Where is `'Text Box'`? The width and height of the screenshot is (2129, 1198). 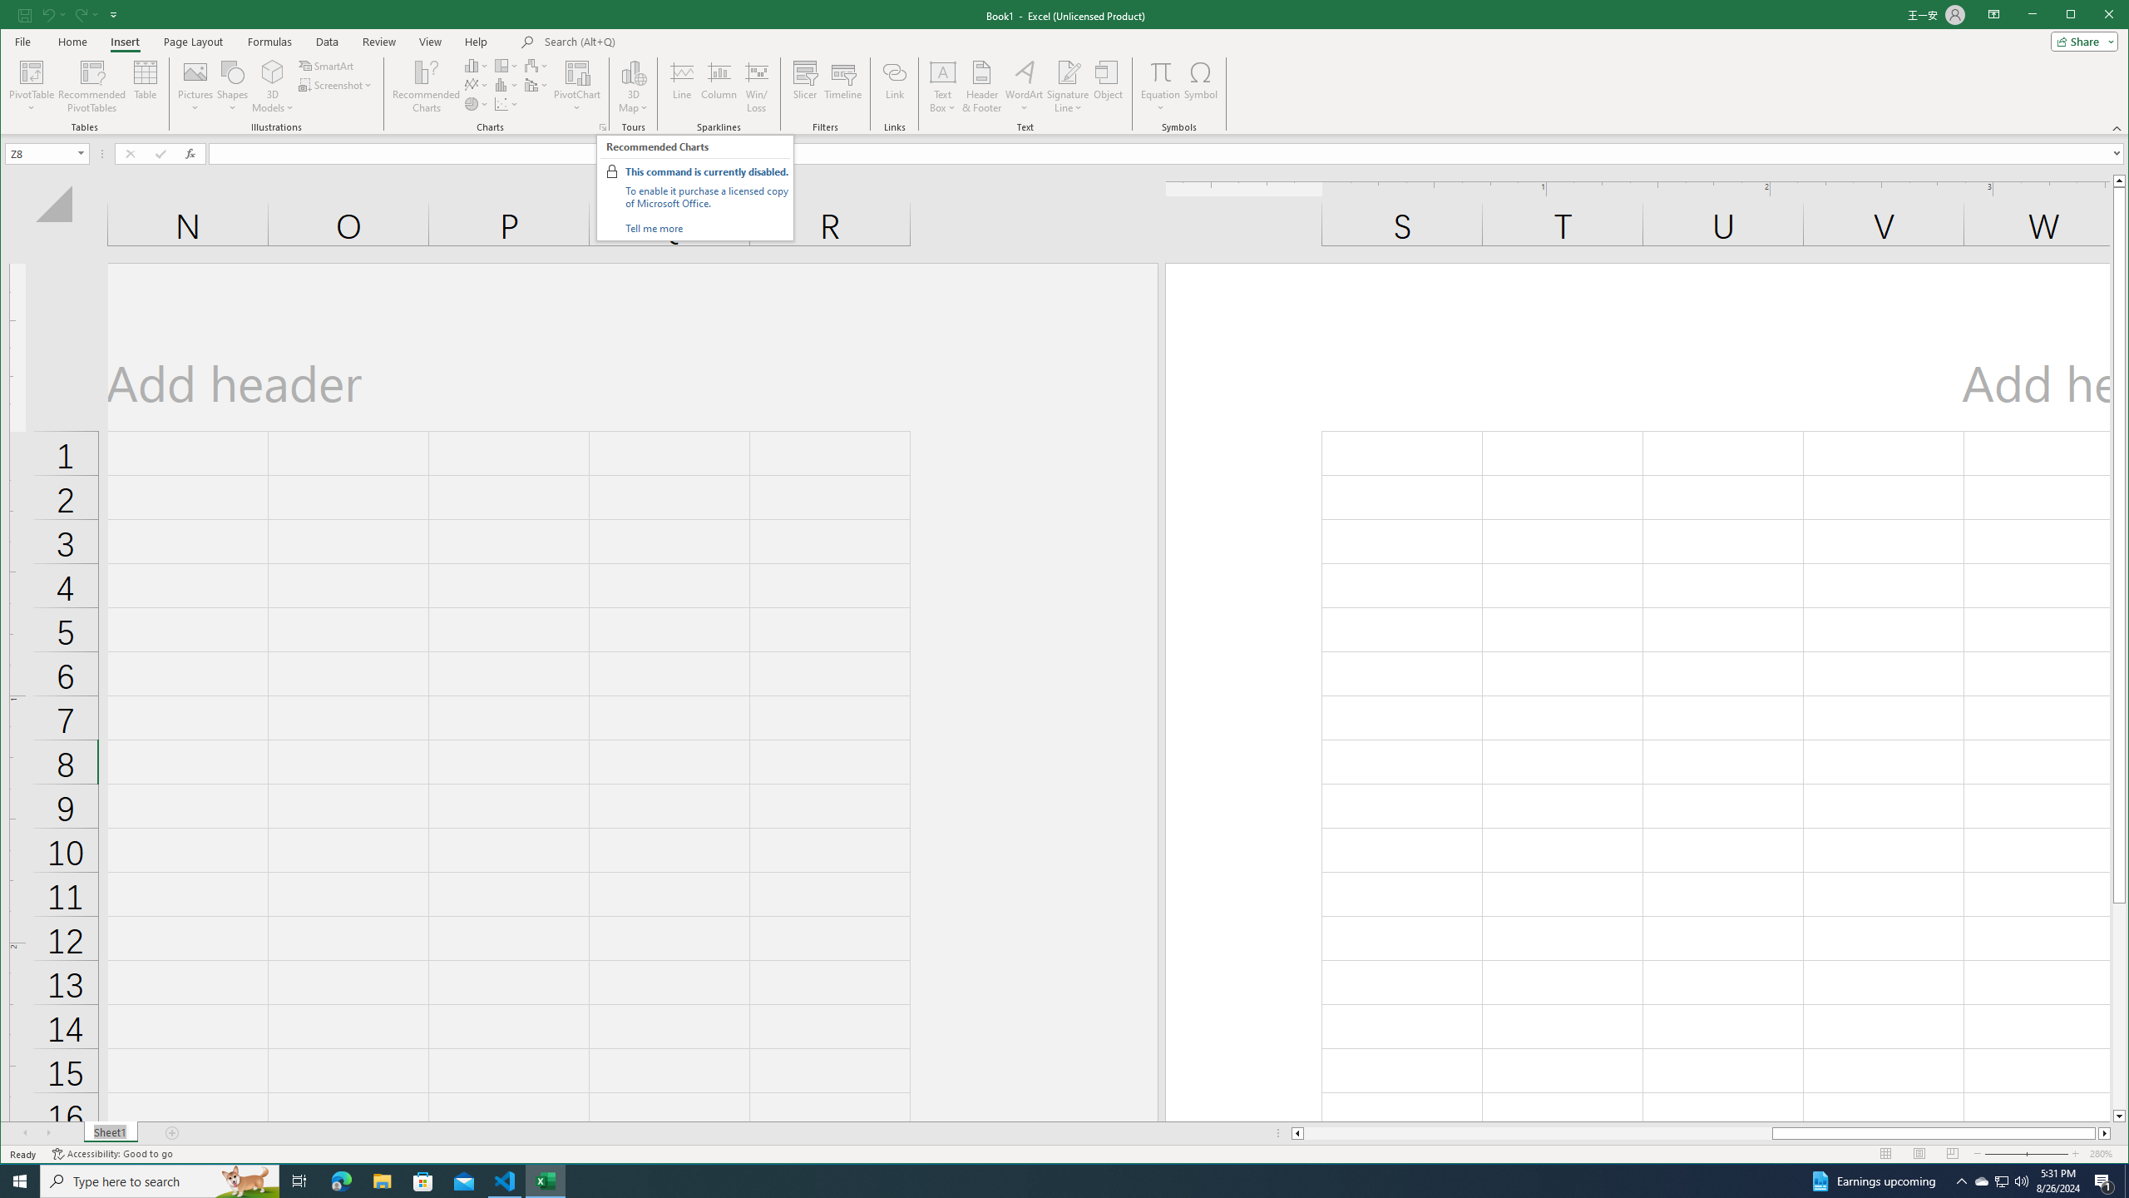 'Text Box' is located at coordinates (942, 86).